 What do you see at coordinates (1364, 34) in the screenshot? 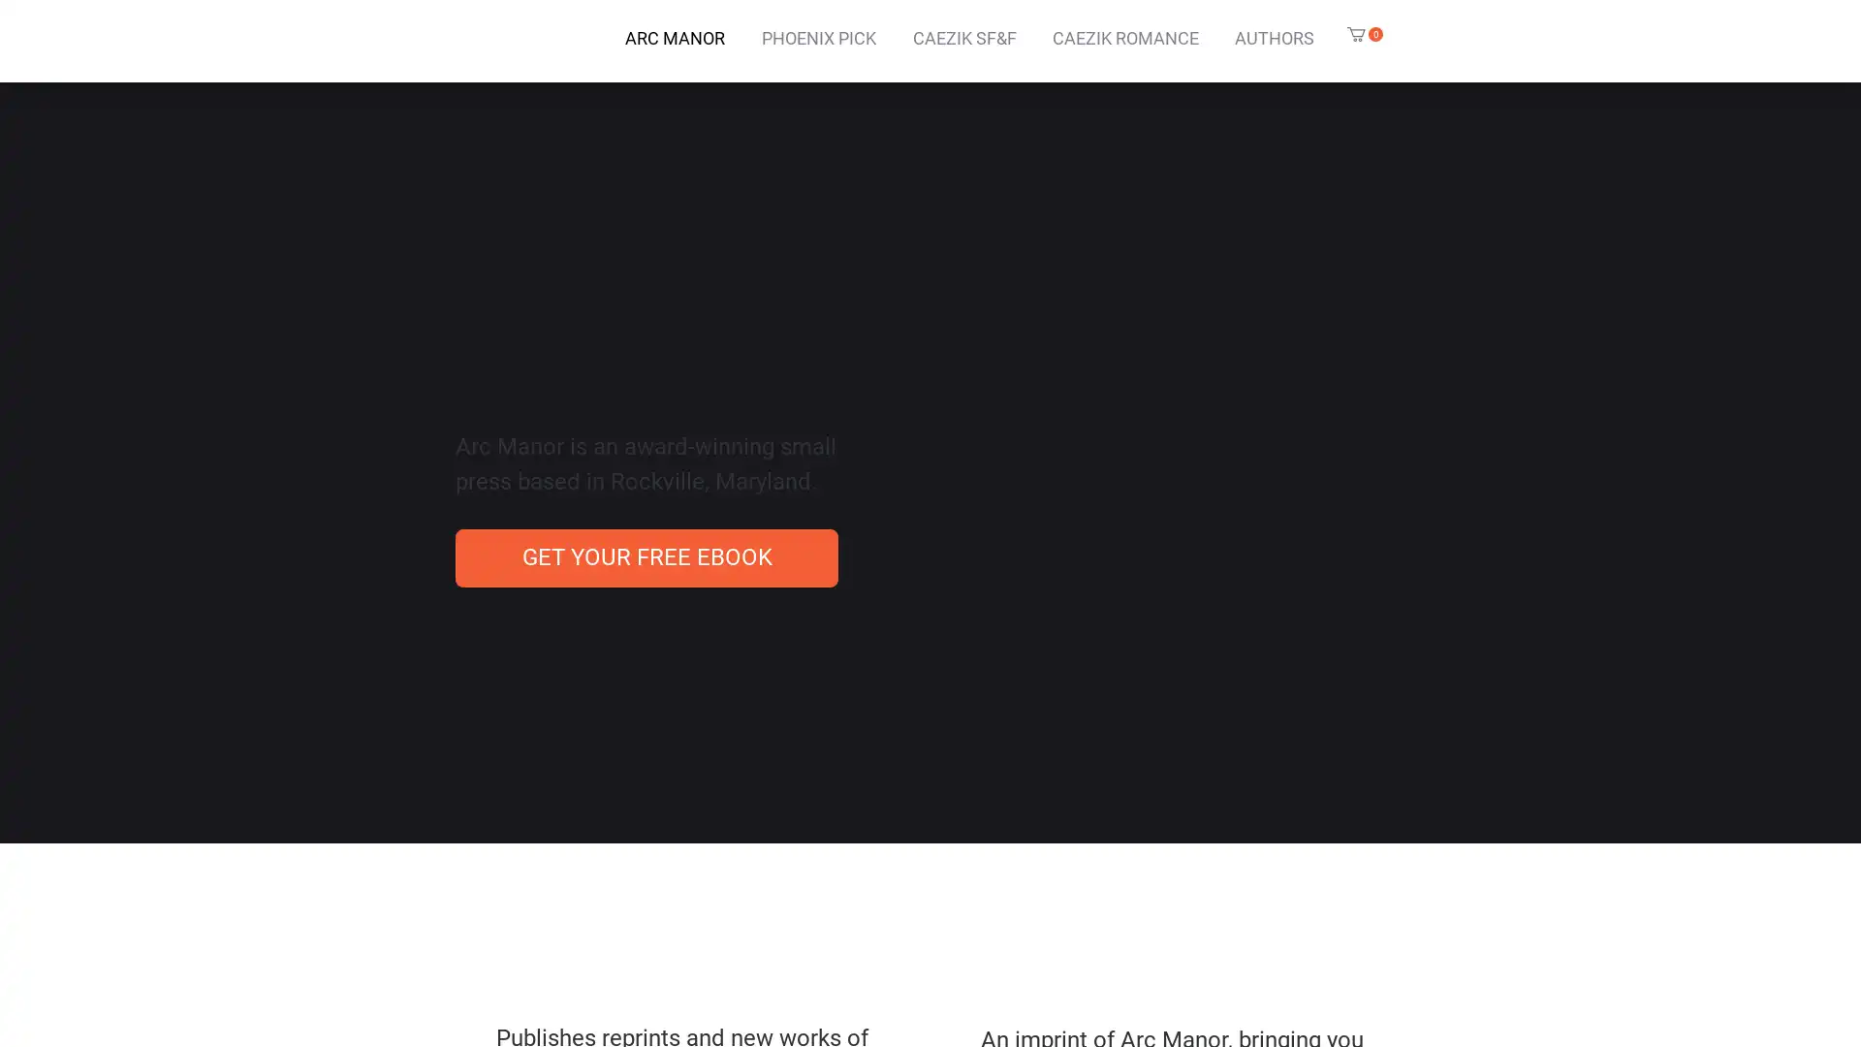
I see `Cart with 0 items` at bounding box center [1364, 34].